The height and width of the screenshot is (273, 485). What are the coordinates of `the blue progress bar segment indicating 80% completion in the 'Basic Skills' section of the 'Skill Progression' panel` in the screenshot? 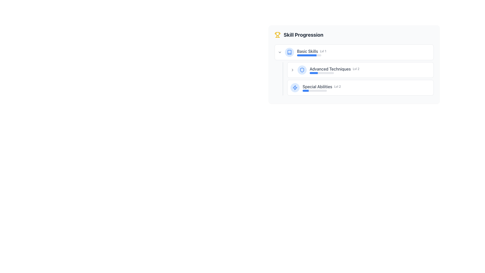 It's located at (306, 55).